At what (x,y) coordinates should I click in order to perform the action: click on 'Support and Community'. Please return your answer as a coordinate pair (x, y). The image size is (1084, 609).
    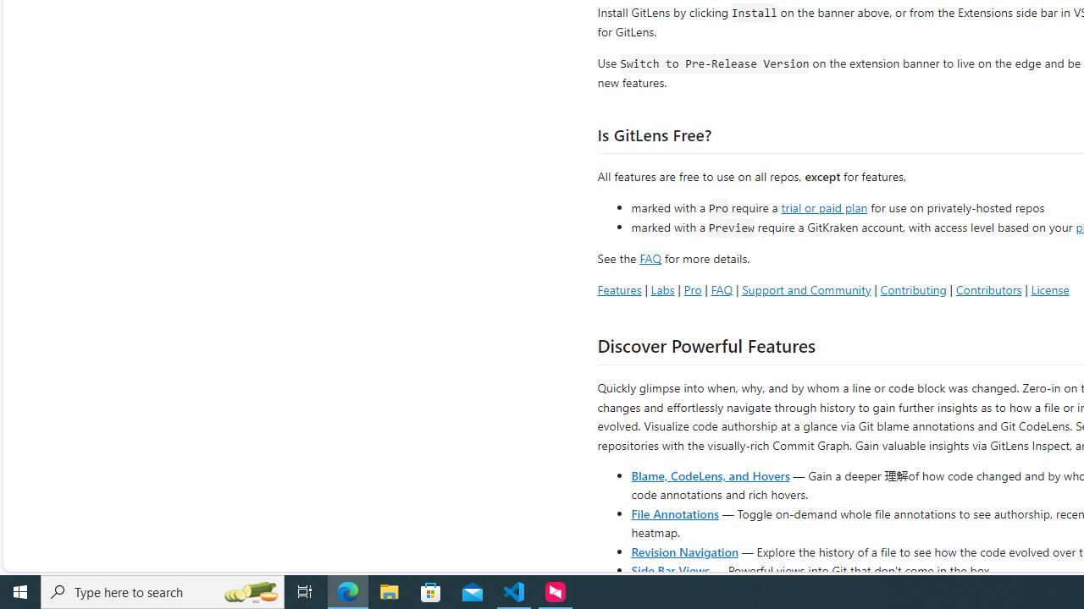
    Looking at the image, I should click on (805, 288).